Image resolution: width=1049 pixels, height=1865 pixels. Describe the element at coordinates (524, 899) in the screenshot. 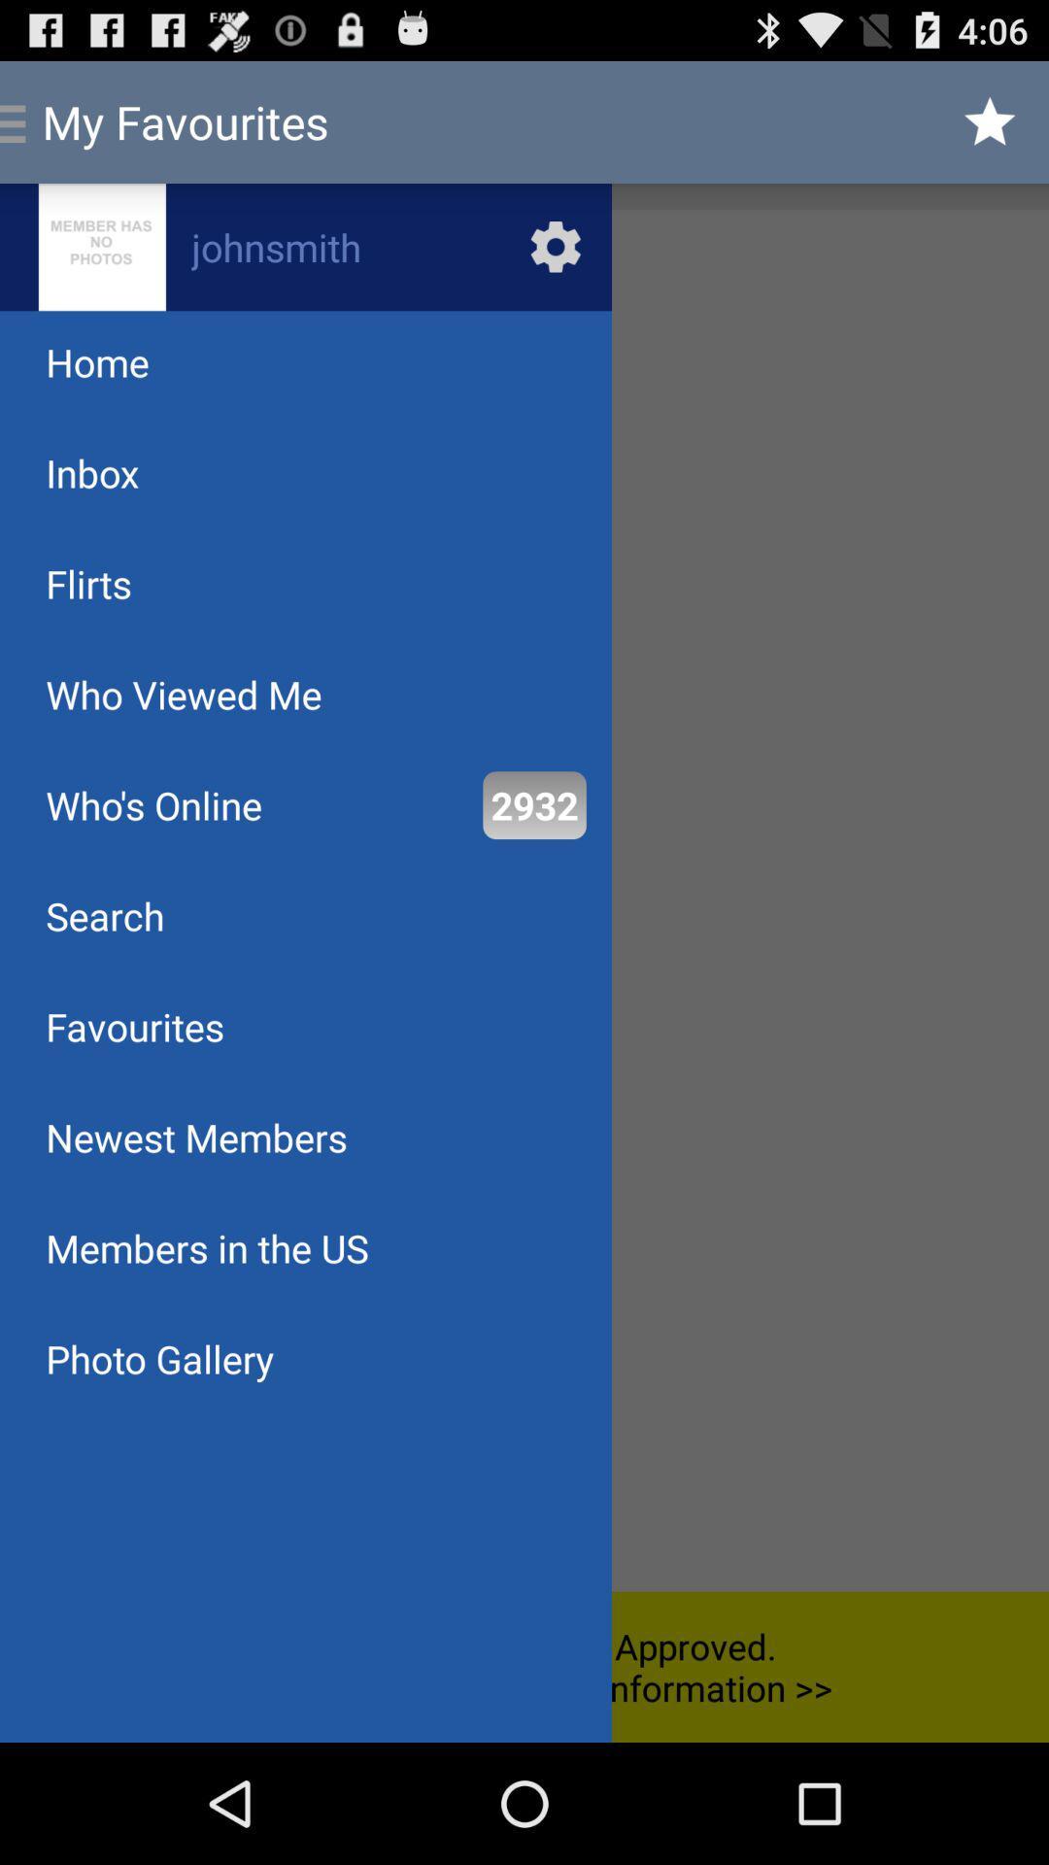

I see `from menu` at that location.